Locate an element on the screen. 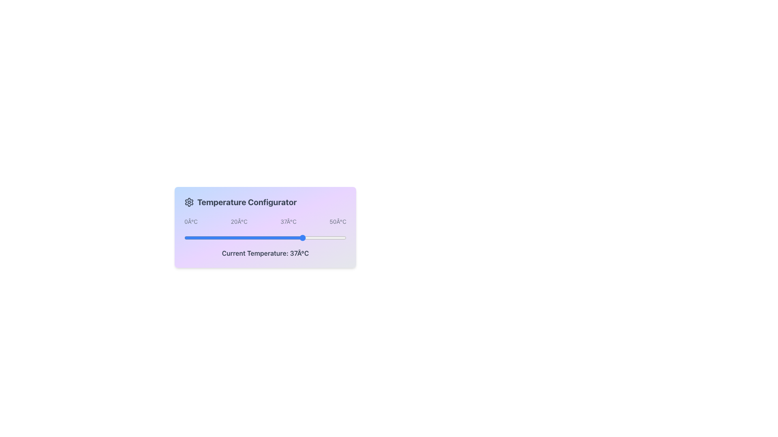 Image resolution: width=778 pixels, height=437 pixels. the temperature is located at coordinates (233, 237).